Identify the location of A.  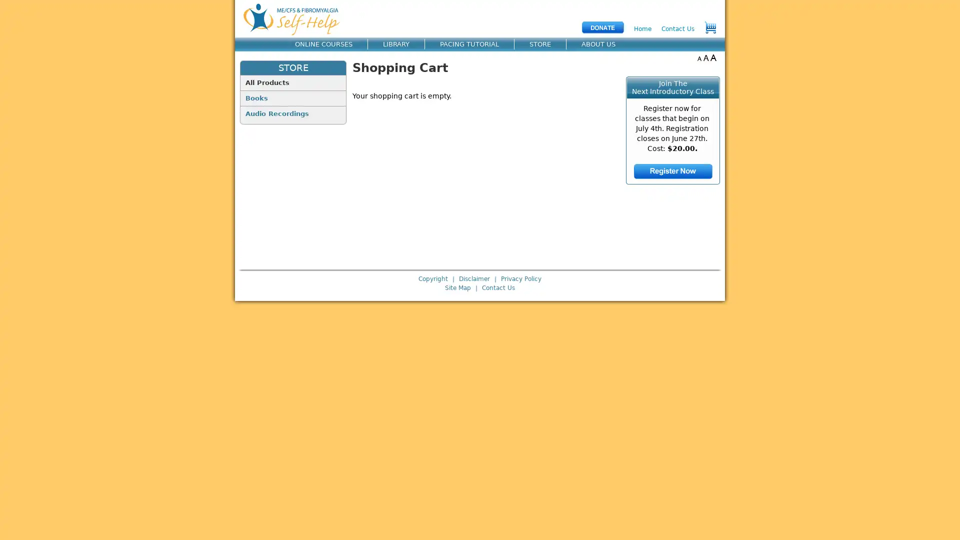
(698, 57).